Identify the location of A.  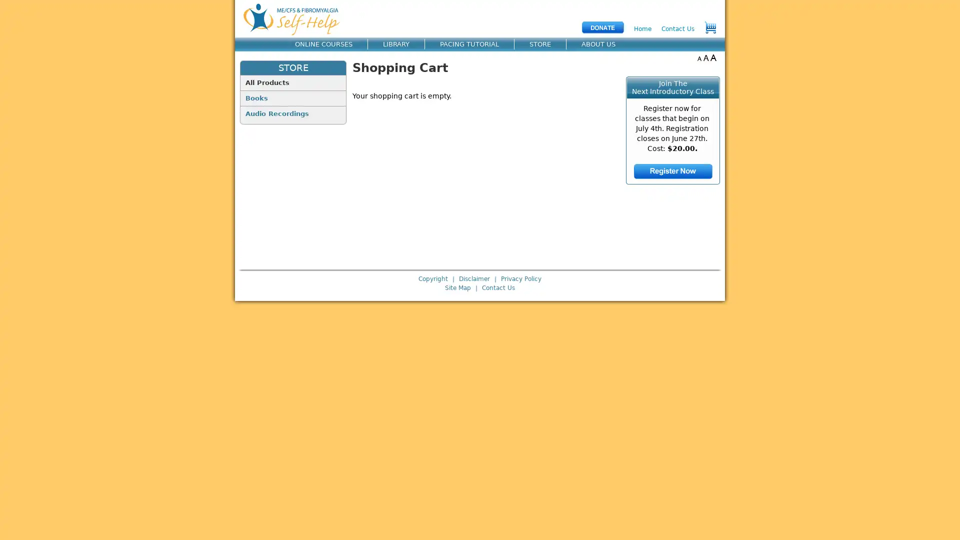
(698, 57).